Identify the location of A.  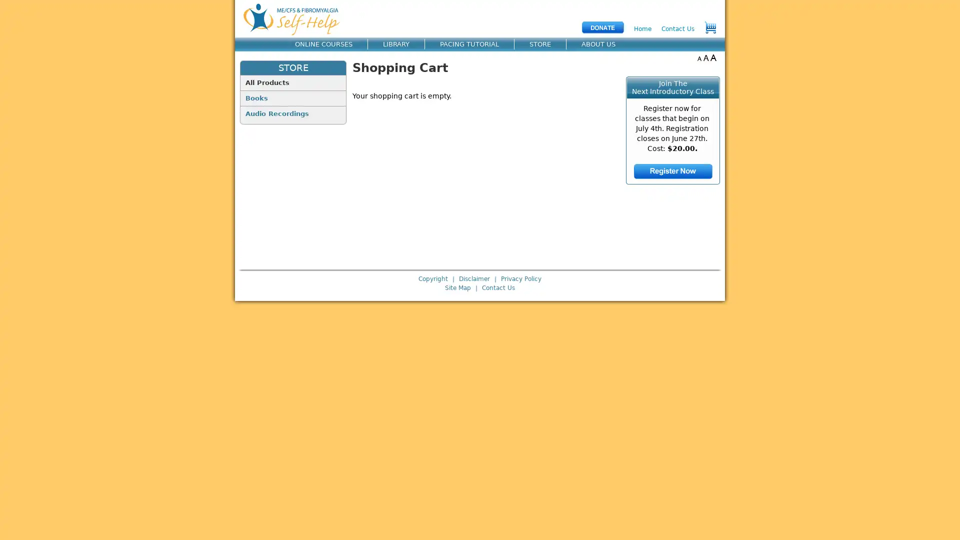
(698, 57).